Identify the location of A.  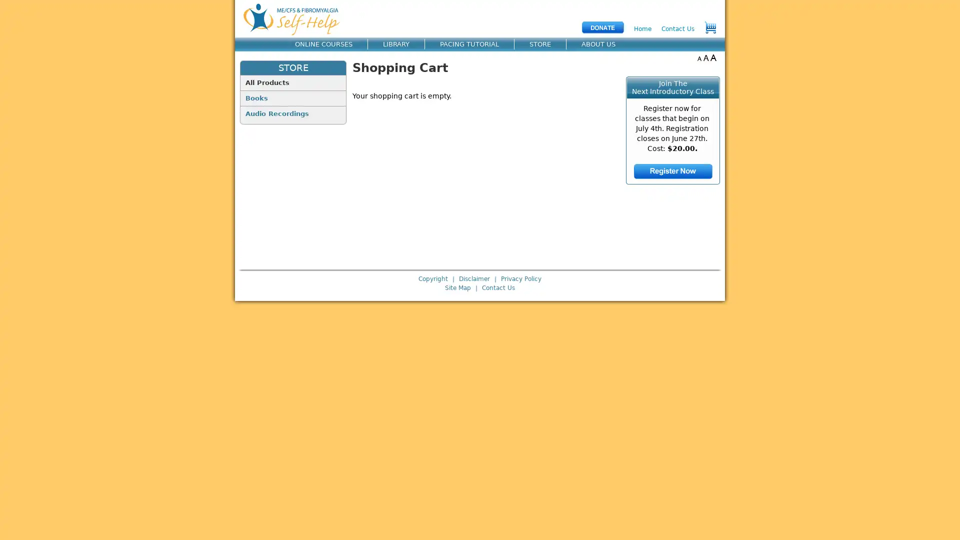
(698, 57).